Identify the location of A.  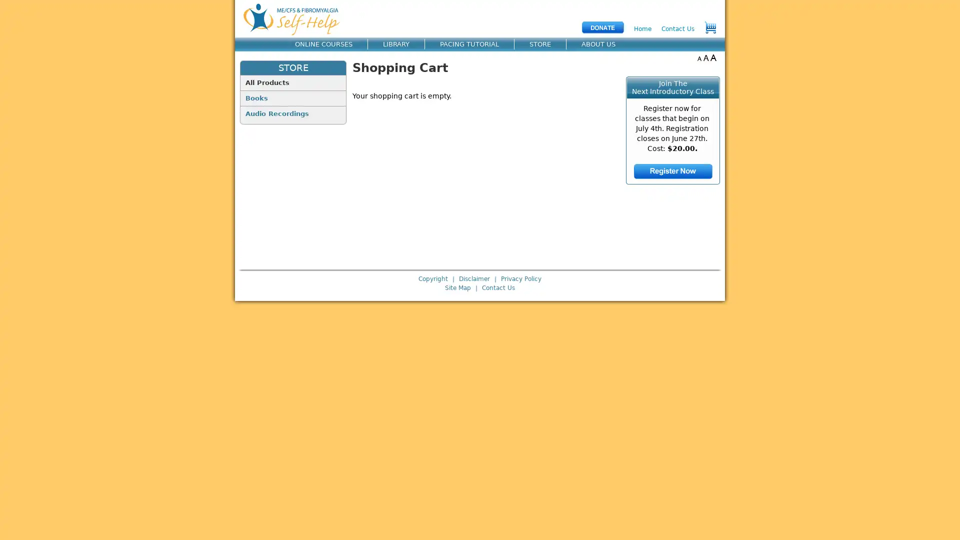
(698, 57).